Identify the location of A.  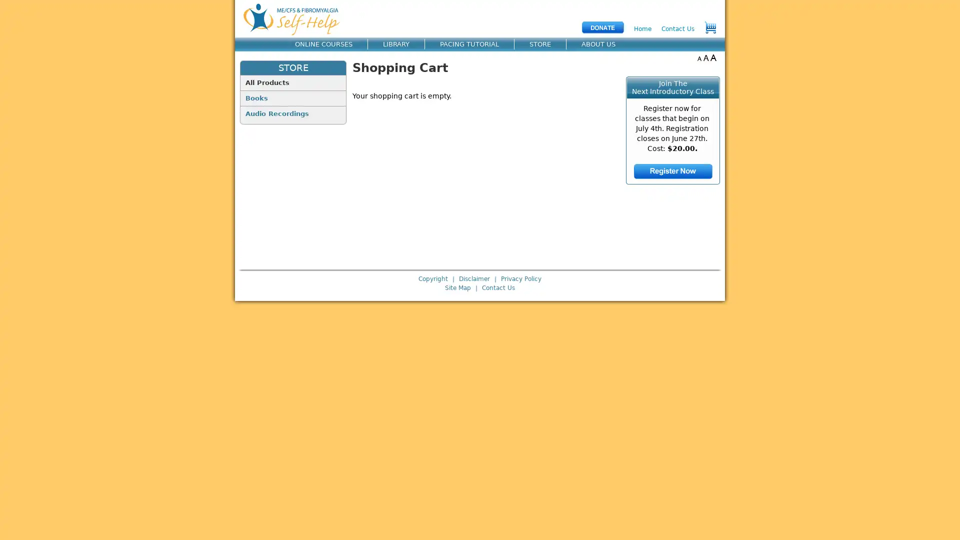
(698, 57).